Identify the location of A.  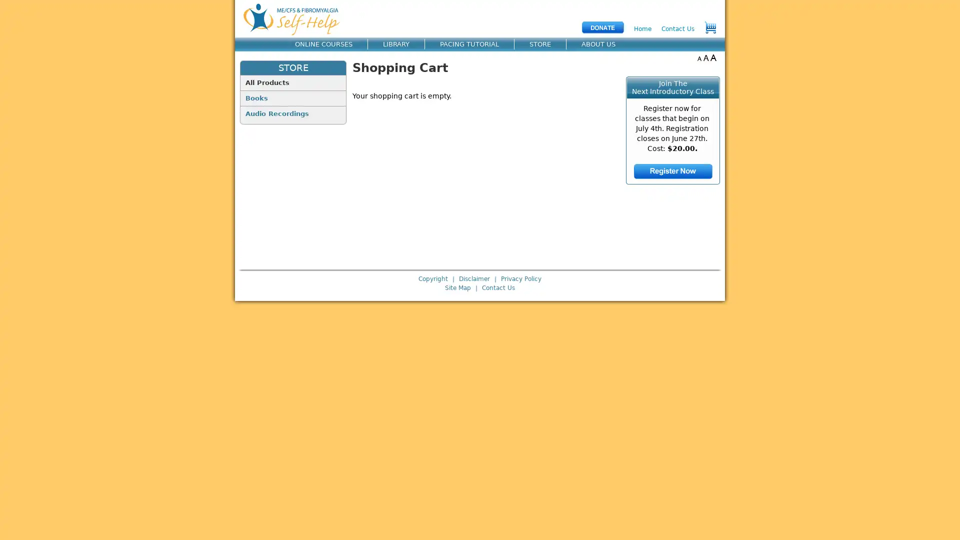
(698, 57).